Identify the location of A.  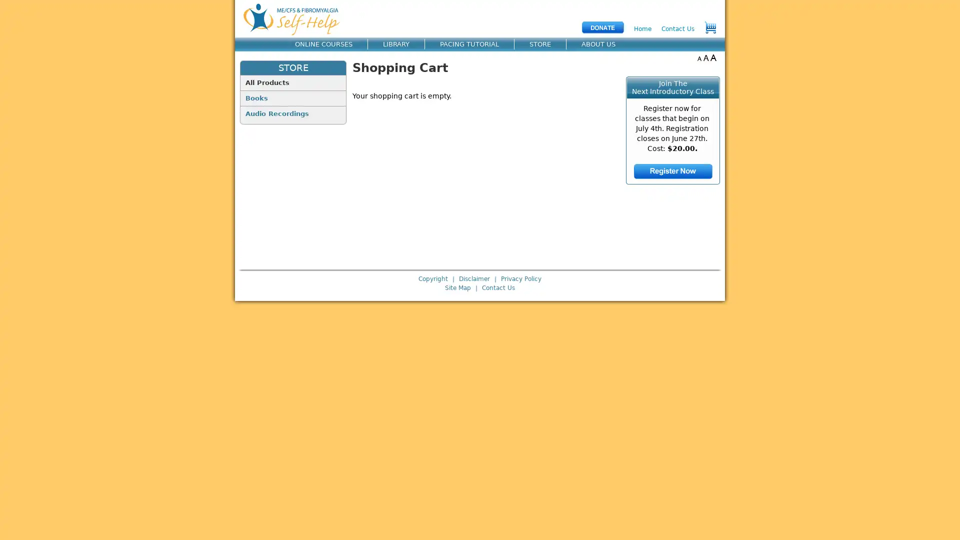
(698, 57).